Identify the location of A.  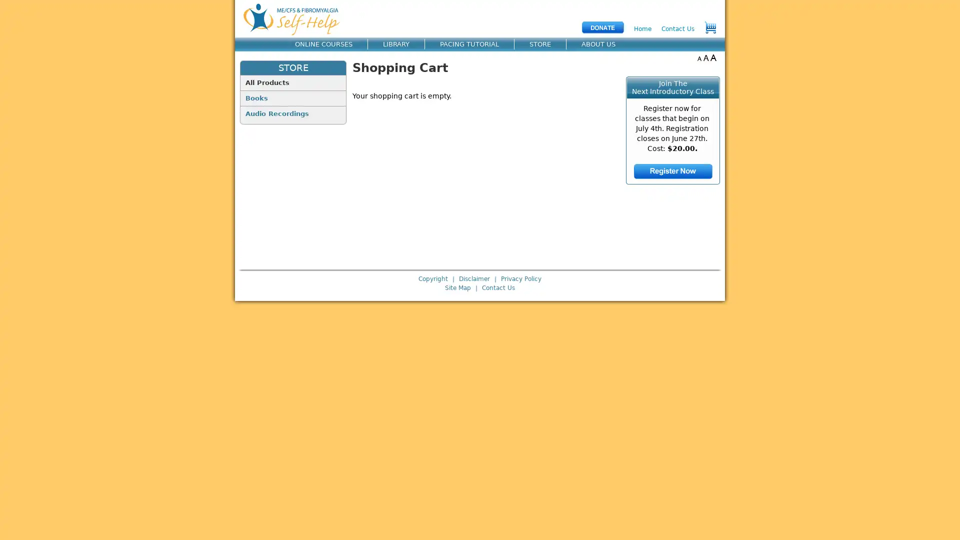
(698, 57).